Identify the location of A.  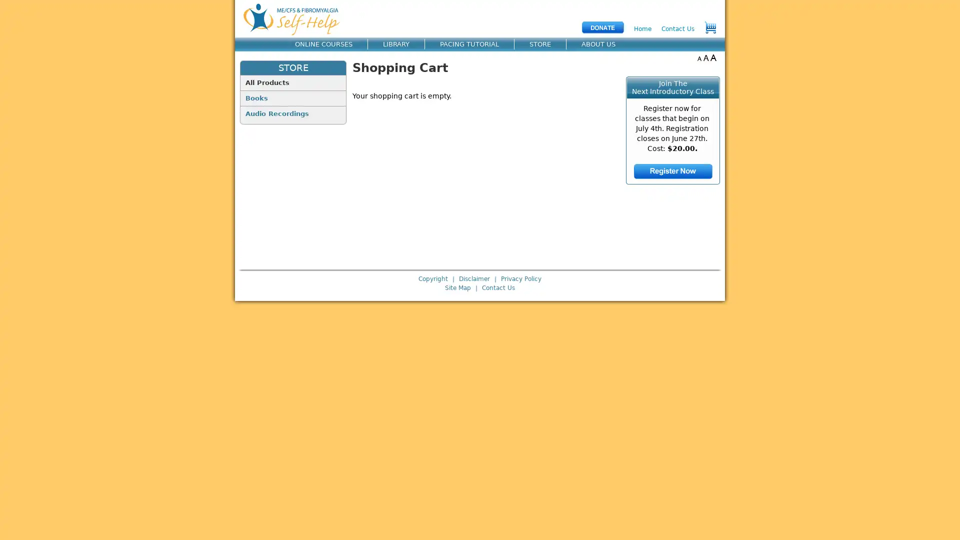
(698, 57).